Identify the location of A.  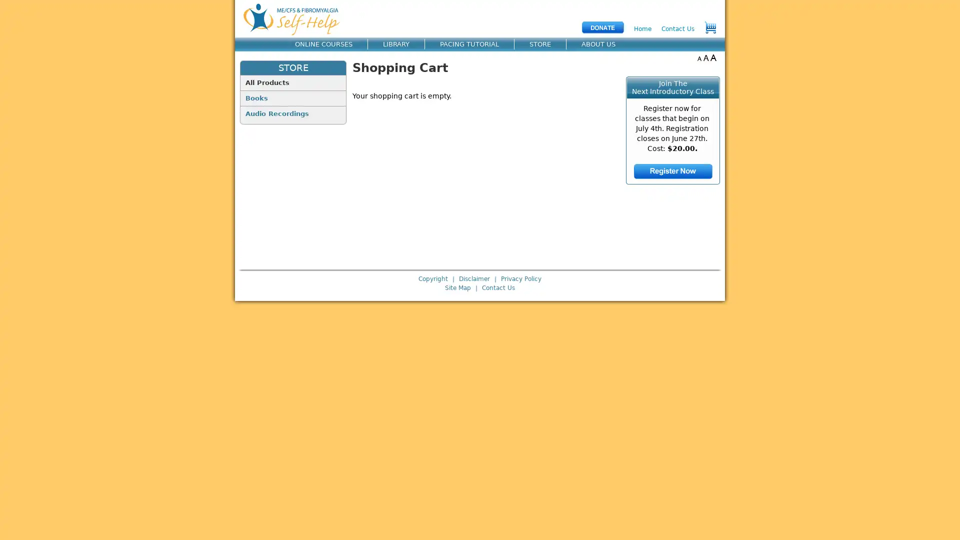
(698, 57).